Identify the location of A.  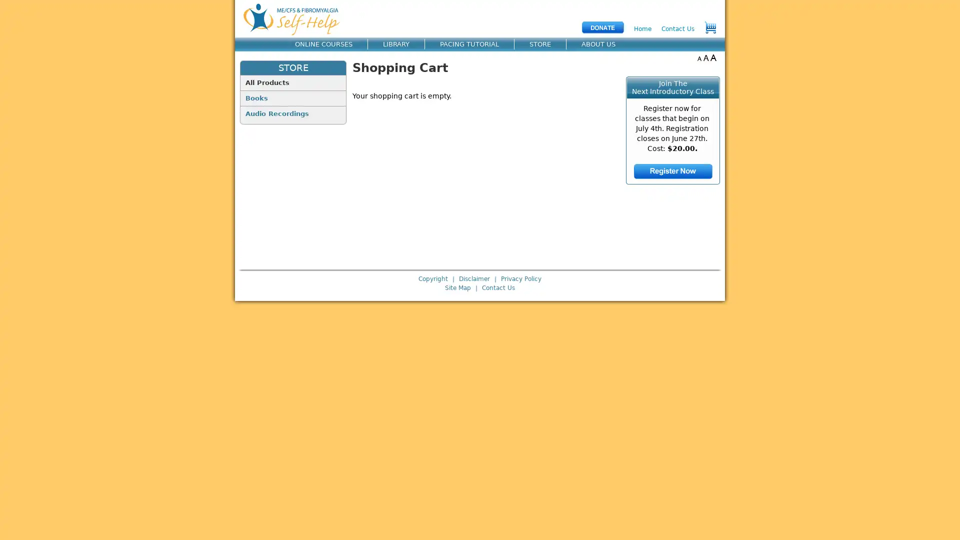
(698, 57).